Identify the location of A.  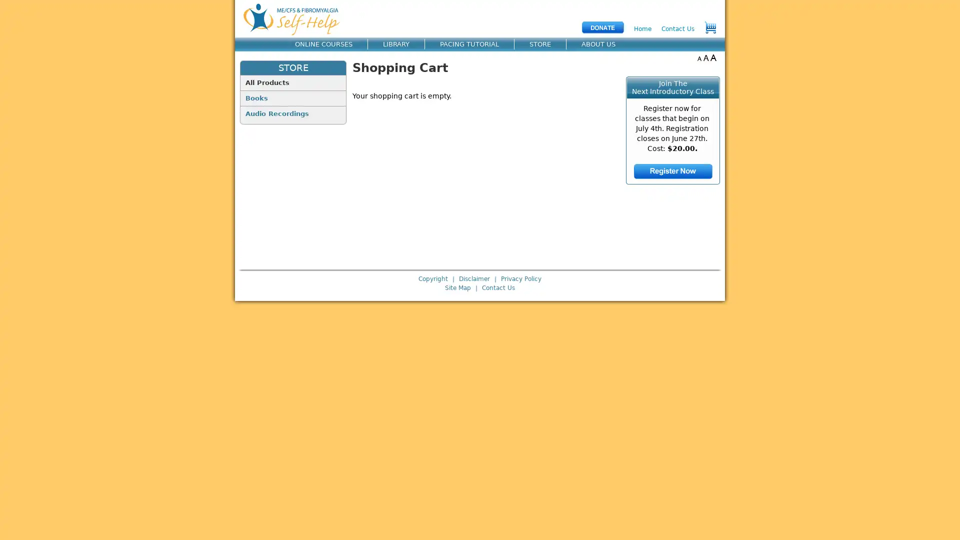
(698, 57).